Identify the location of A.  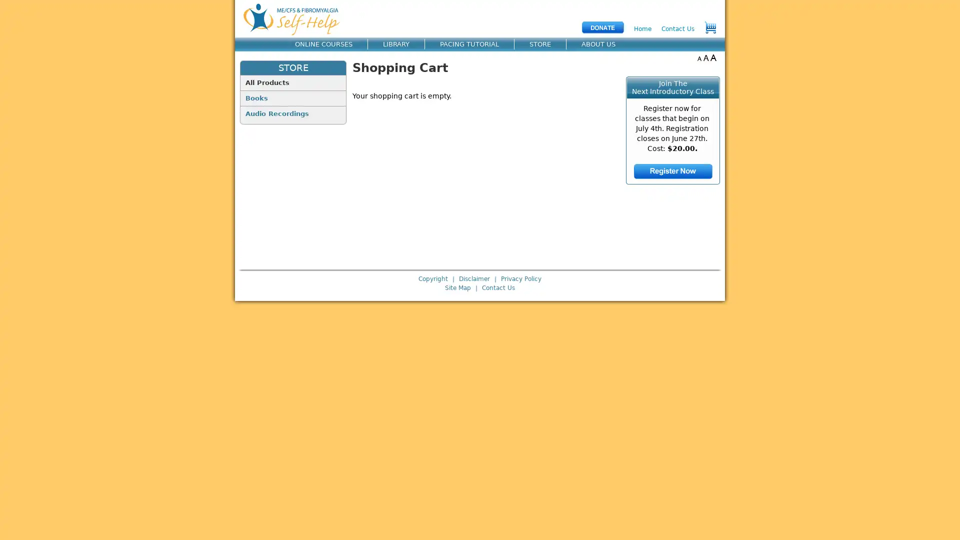
(698, 57).